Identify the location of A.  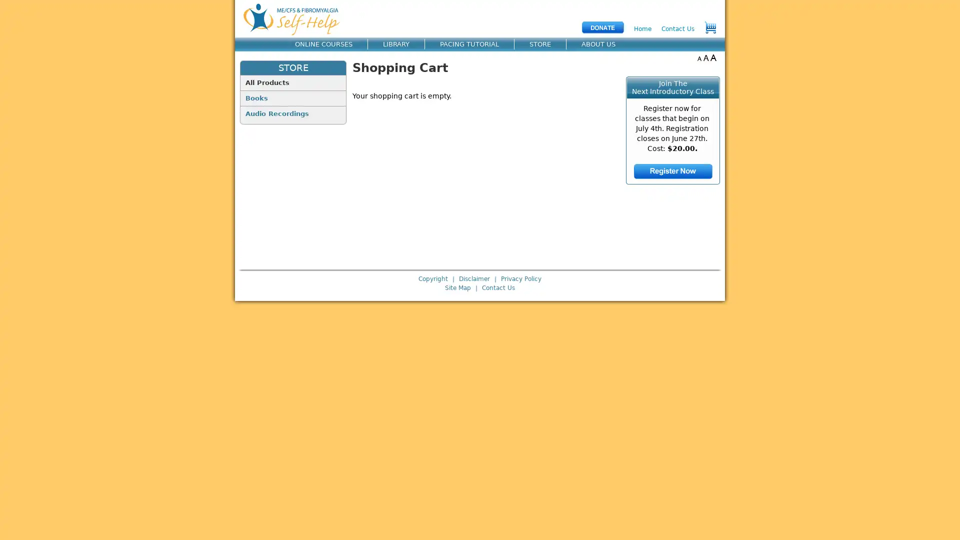
(698, 57).